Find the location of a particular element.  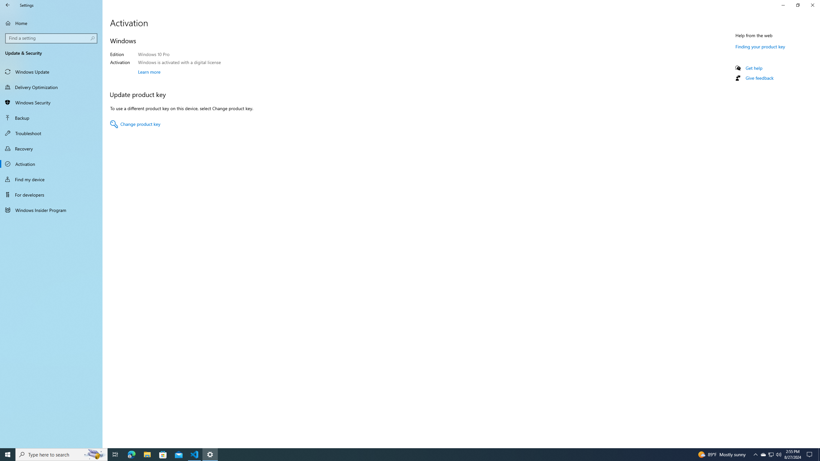

'Get help' is located at coordinates (753, 68).